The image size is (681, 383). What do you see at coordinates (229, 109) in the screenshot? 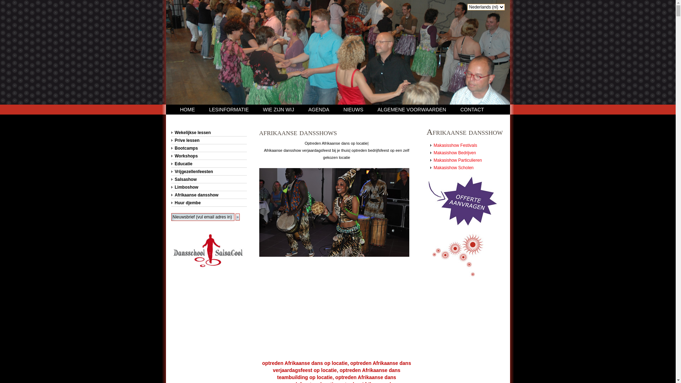
I see `'LESINFORMATIE'` at bounding box center [229, 109].